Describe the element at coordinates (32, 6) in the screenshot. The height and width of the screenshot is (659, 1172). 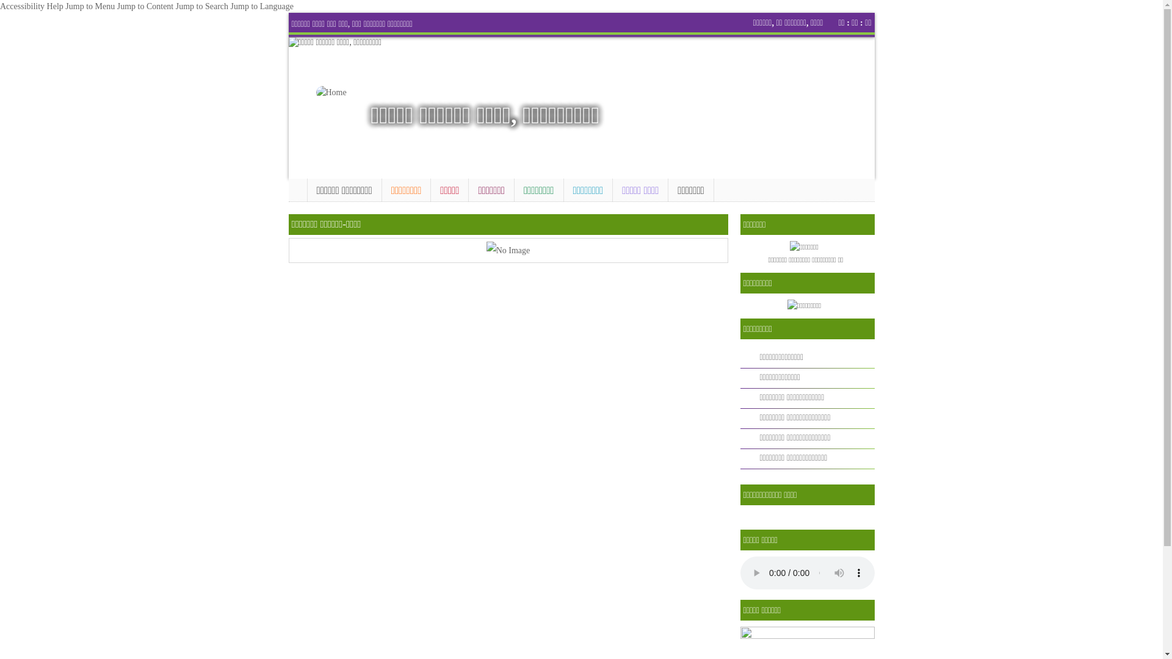
I see `'Accessibility Help'` at that location.